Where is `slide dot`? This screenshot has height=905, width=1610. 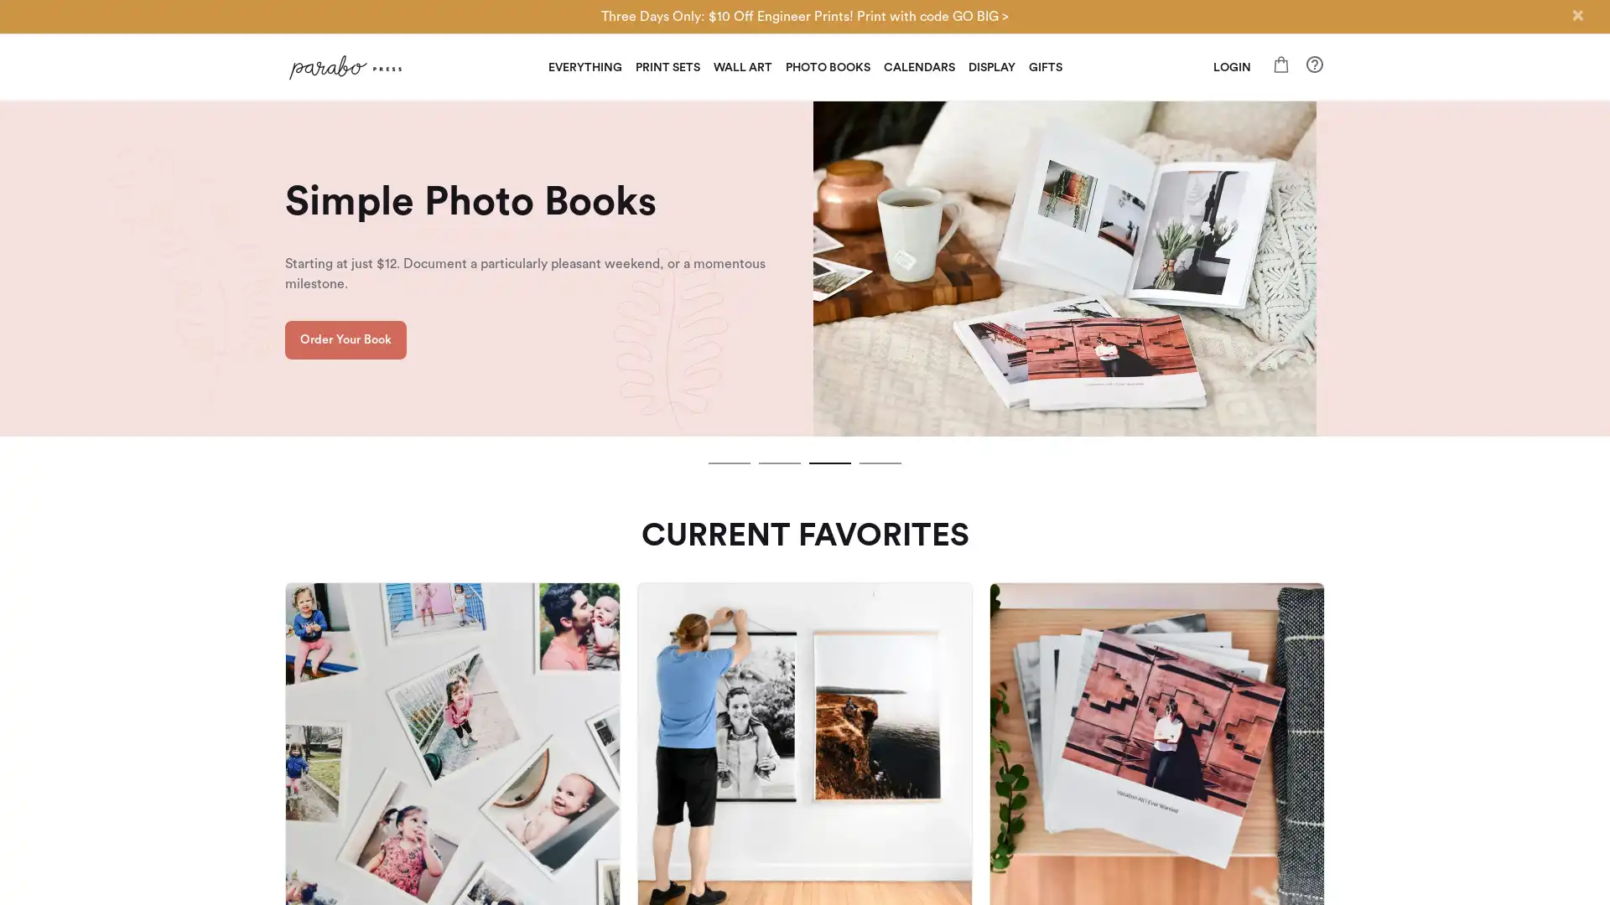 slide dot is located at coordinates (779, 463).